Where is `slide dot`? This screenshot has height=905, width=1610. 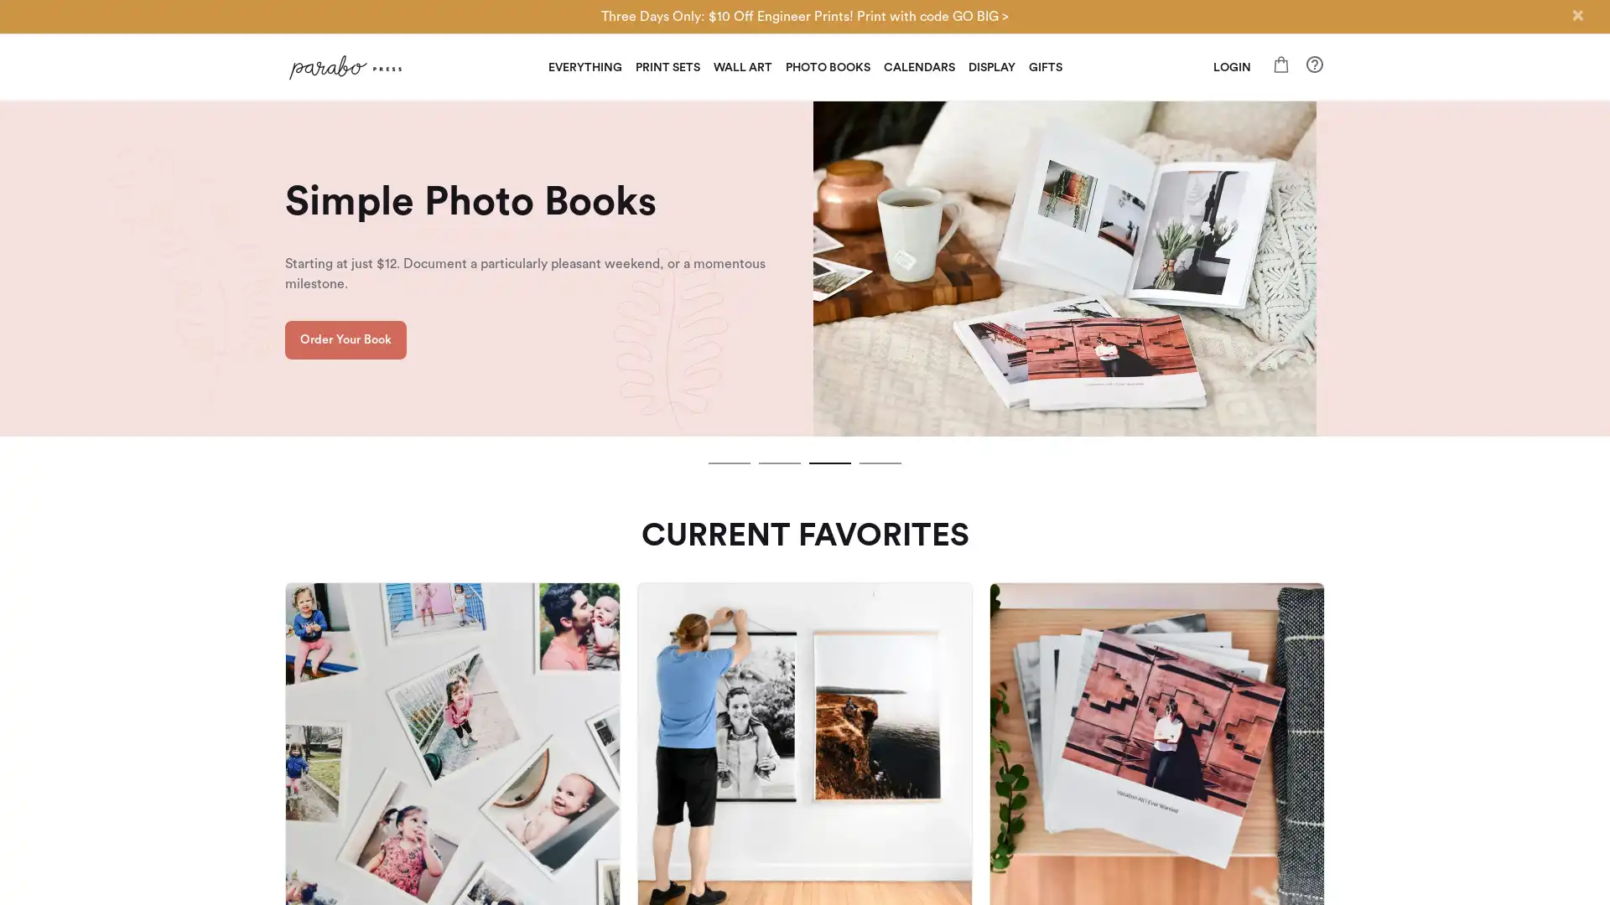 slide dot is located at coordinates (779, 463).